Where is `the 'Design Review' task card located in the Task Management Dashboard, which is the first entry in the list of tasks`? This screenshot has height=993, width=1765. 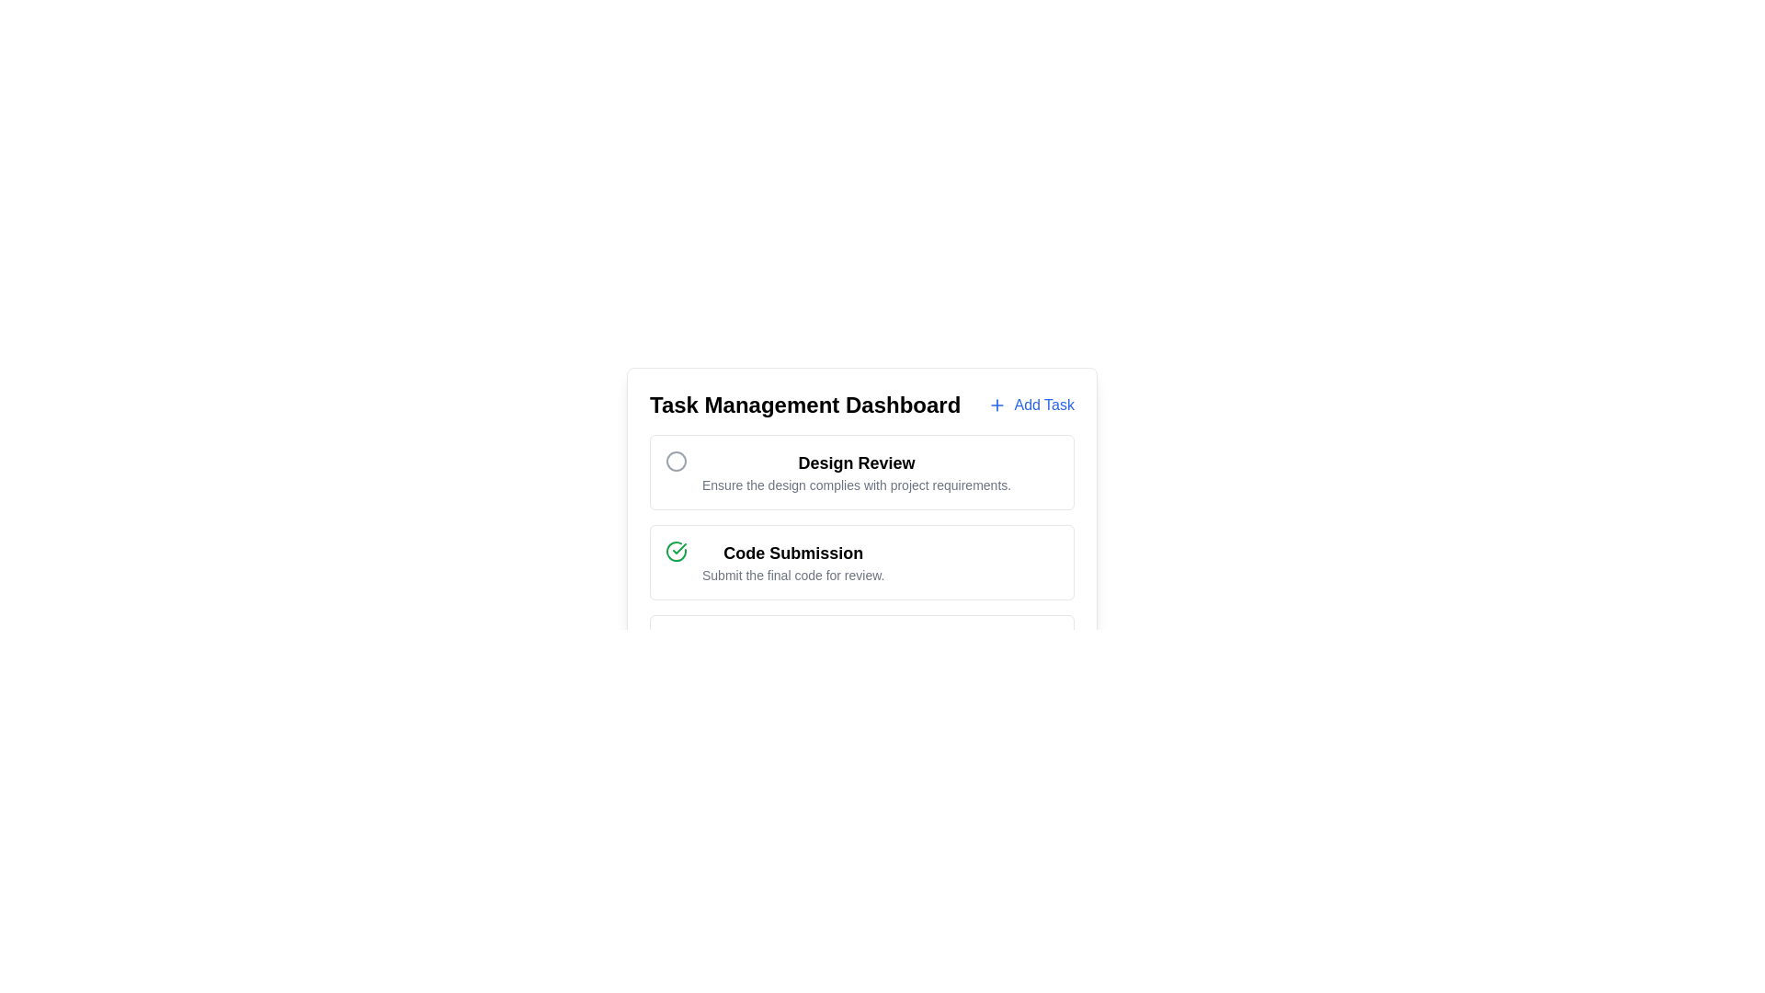 the 'Design Review' task card located in the Task Management Dashboard, which is the first entry in the list of tasks is located at coordinates (860, 471).